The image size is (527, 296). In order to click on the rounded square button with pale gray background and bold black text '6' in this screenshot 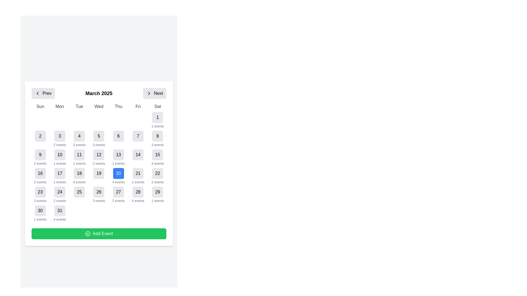, I will do `click(118, 136)`.